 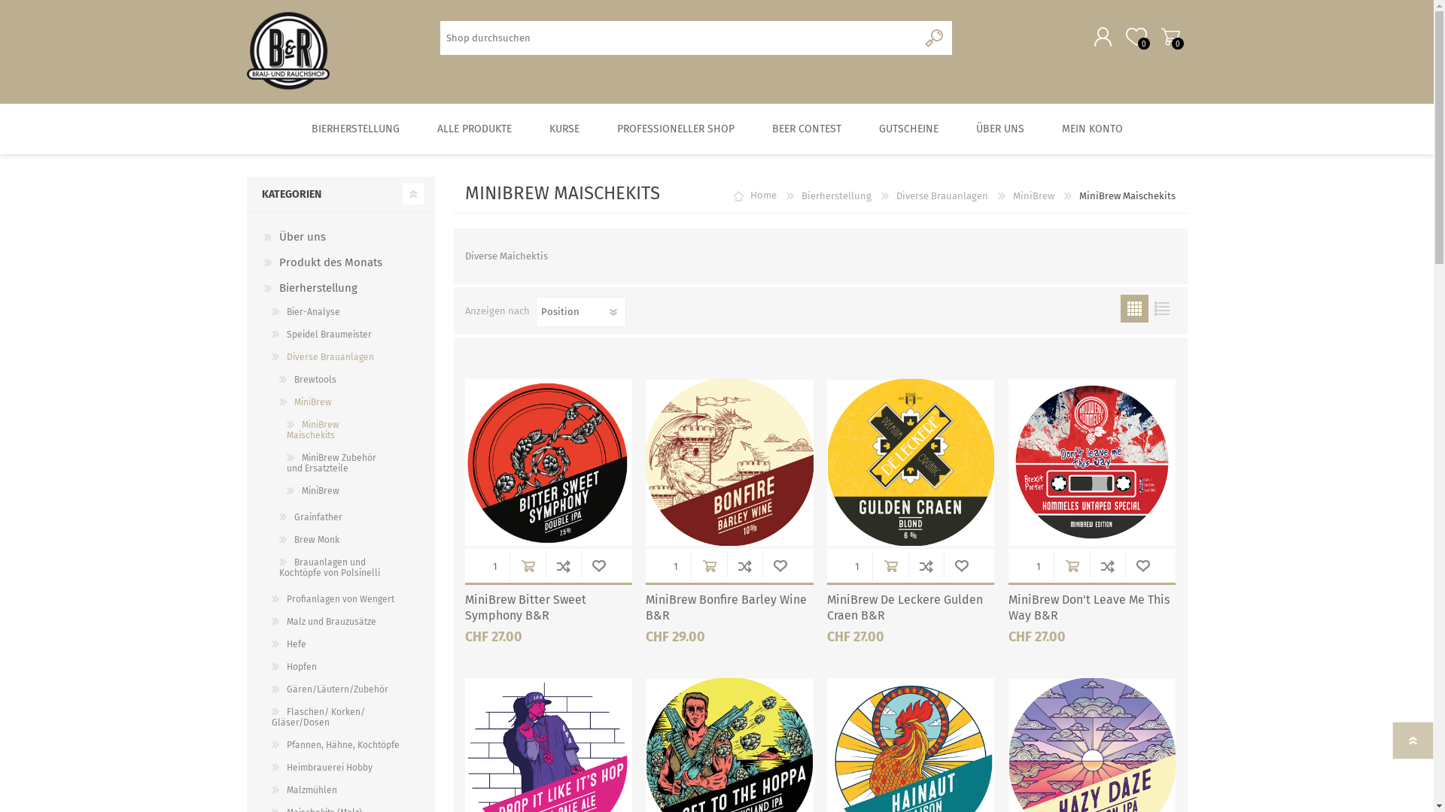 What do you see at coordinates (321, 333) in the screenshot?
I see `'Speidel Braumeister'` at bounding box center [321, 333].